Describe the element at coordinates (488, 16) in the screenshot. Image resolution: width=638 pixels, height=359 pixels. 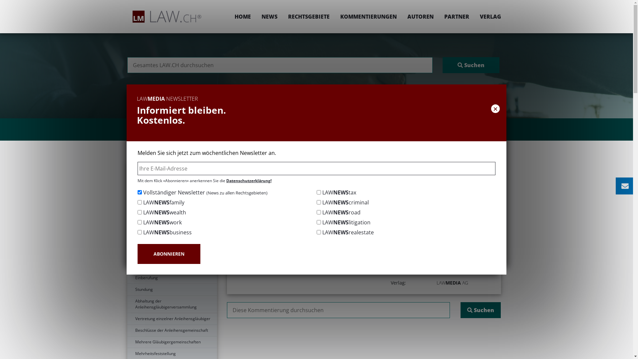
I see `'VERLAG'` at that location.